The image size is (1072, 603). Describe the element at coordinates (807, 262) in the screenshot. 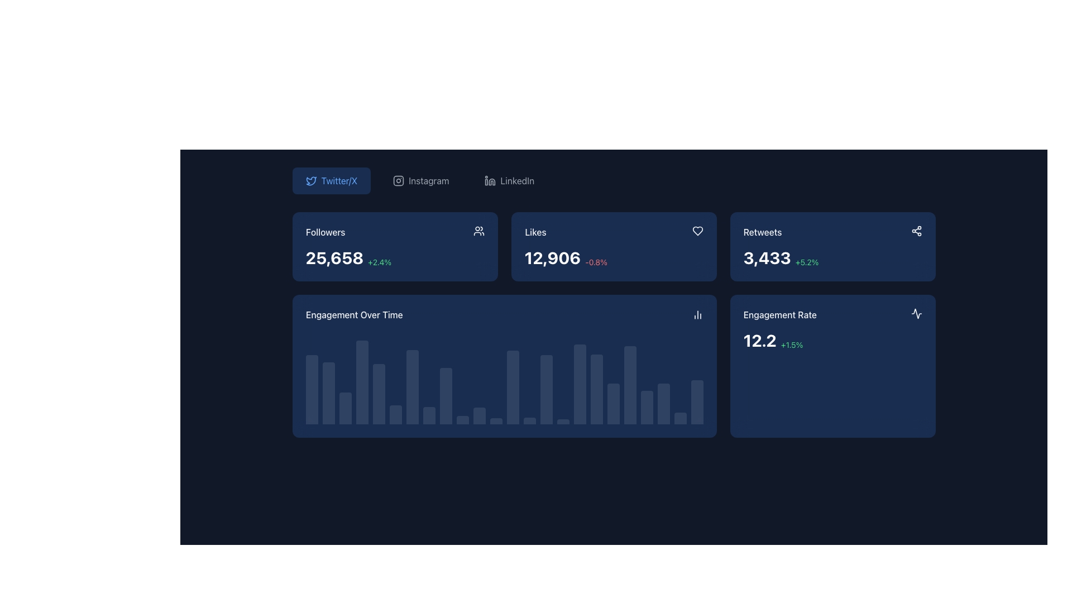

I see `positive change percentage of 5.2% from the Text label indicating an increase in the 'Retweets' statistic, located to the right of '3,433' in the top-right card-like section` at that location.